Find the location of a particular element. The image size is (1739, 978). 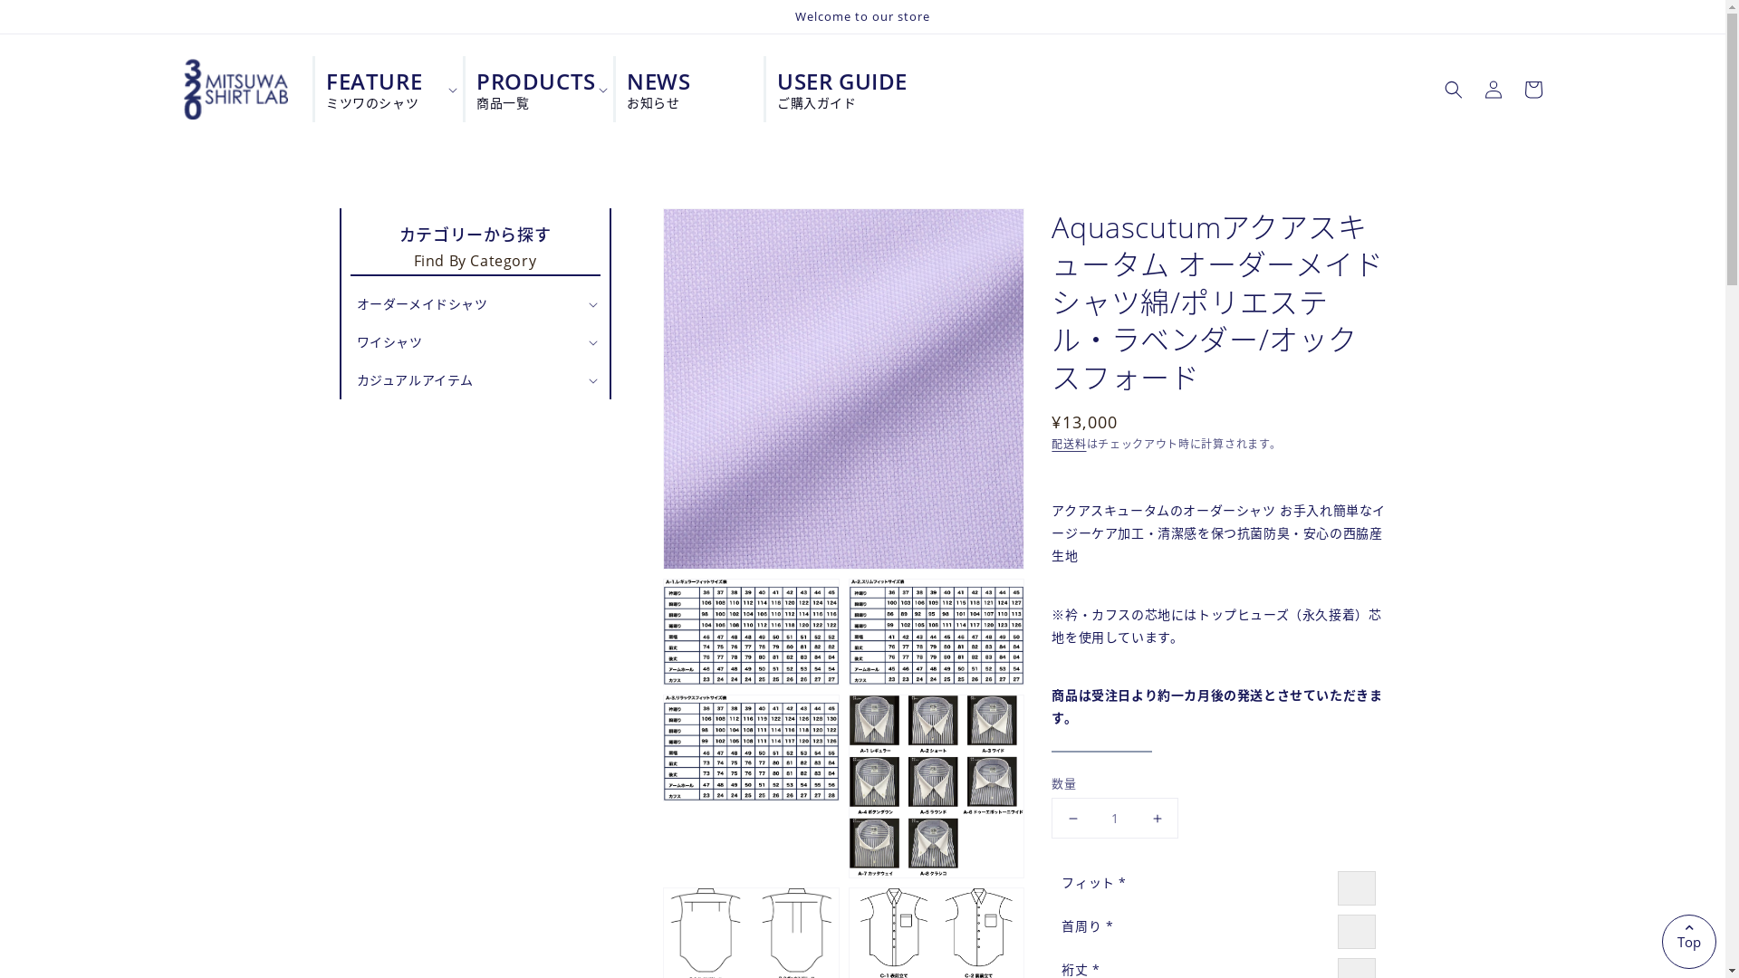

'USER GUIDE' is located at coordinates (831, 89).